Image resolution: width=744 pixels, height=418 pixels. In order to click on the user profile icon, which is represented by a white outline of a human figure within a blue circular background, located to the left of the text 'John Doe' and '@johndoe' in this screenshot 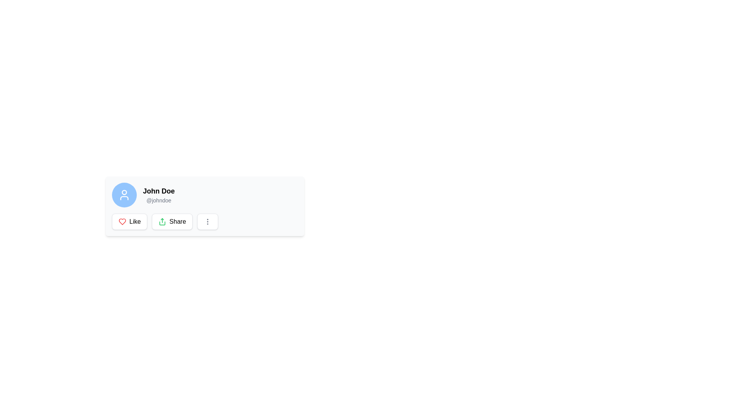, I will do `click(124, 195)`.